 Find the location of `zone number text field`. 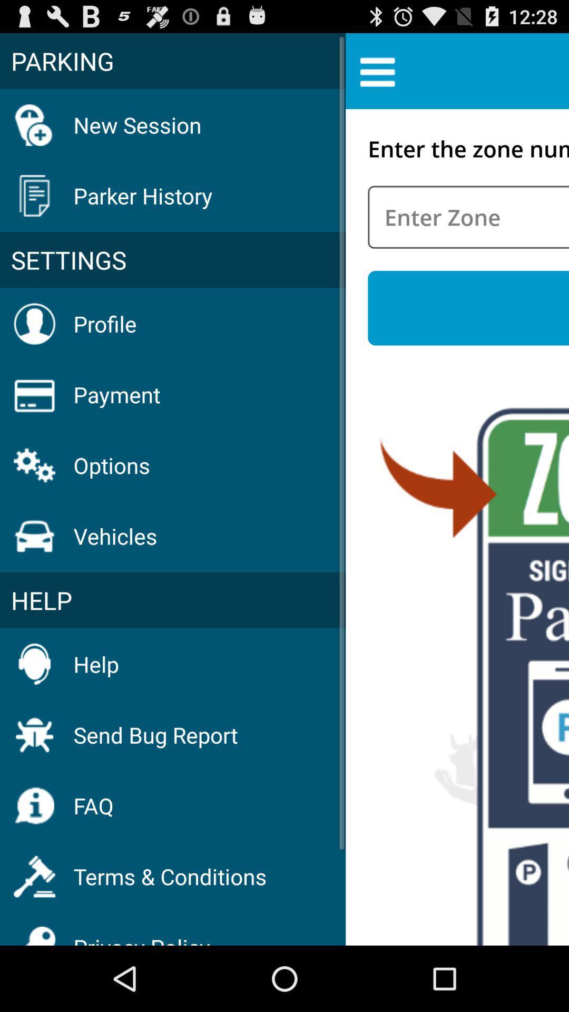

zone number text field is located at coordinates (468, 217).